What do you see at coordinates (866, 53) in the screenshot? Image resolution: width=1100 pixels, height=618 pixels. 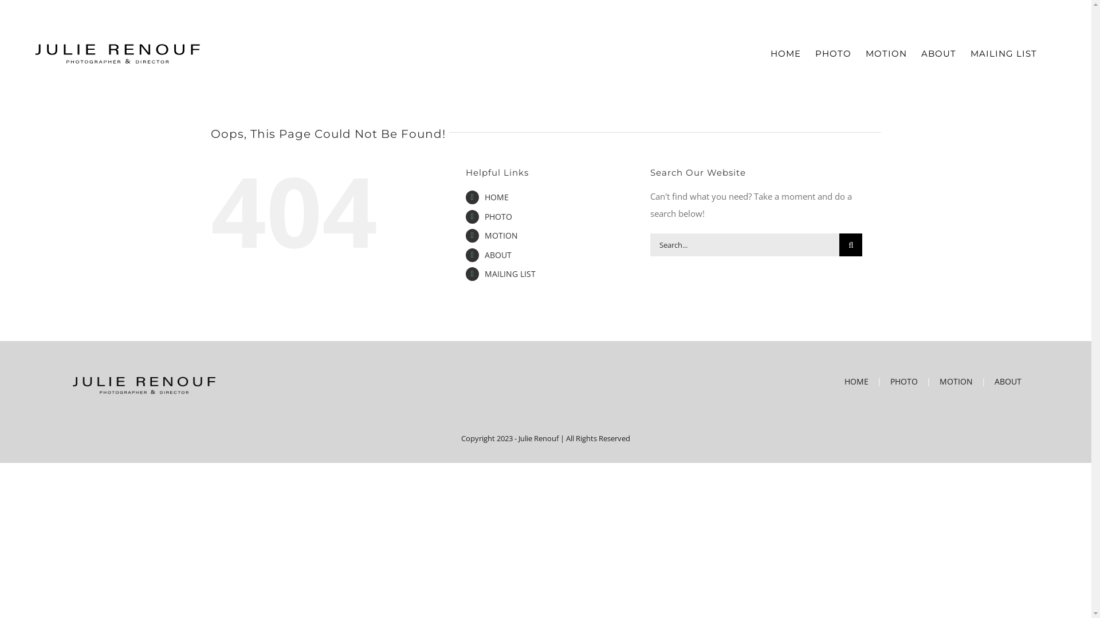 I see `'MOTION'` at bounding box center [866, 53].